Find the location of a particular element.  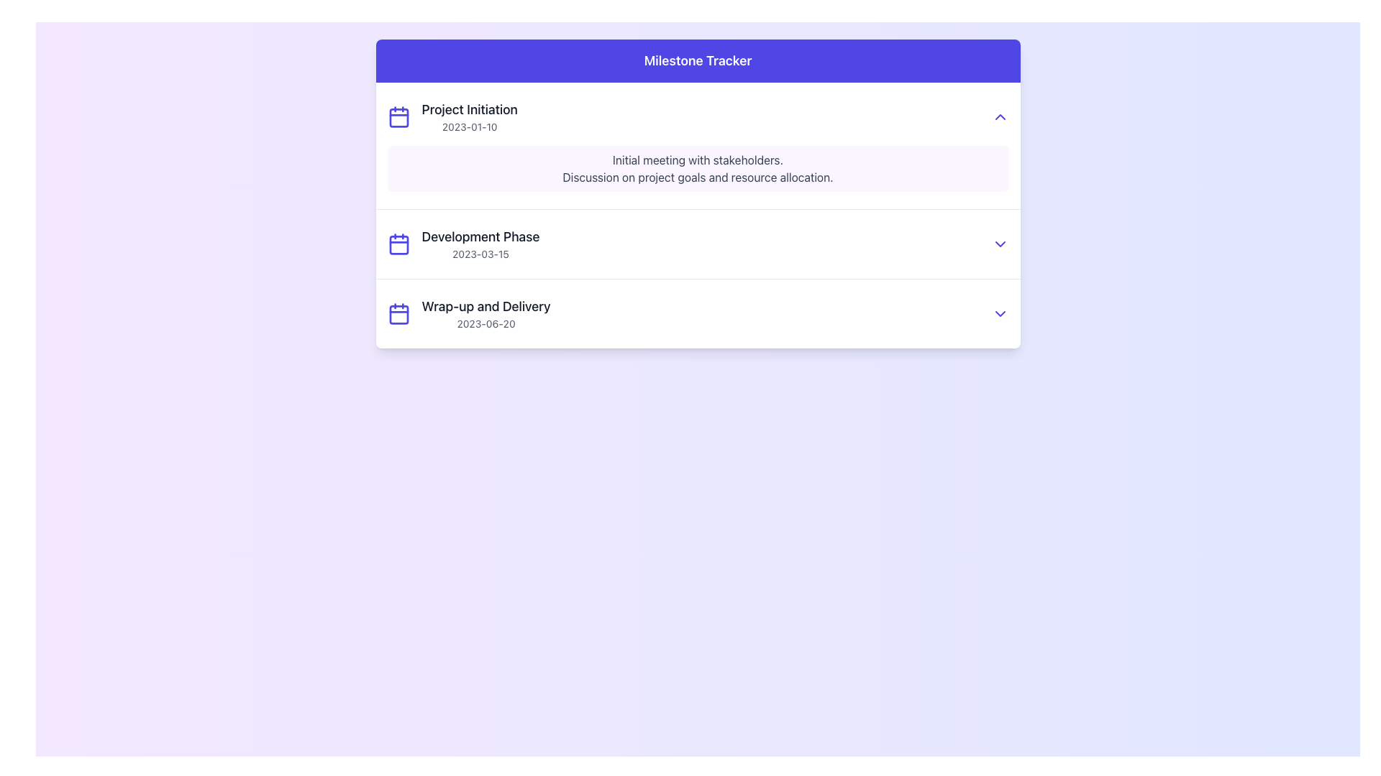

the milestone titled 'Wrap-up and Delivery' scheduled for '2023-06-20' in the Milestone Tracker section, which is the third item in the vertical list is located at coordinates (469, 313).